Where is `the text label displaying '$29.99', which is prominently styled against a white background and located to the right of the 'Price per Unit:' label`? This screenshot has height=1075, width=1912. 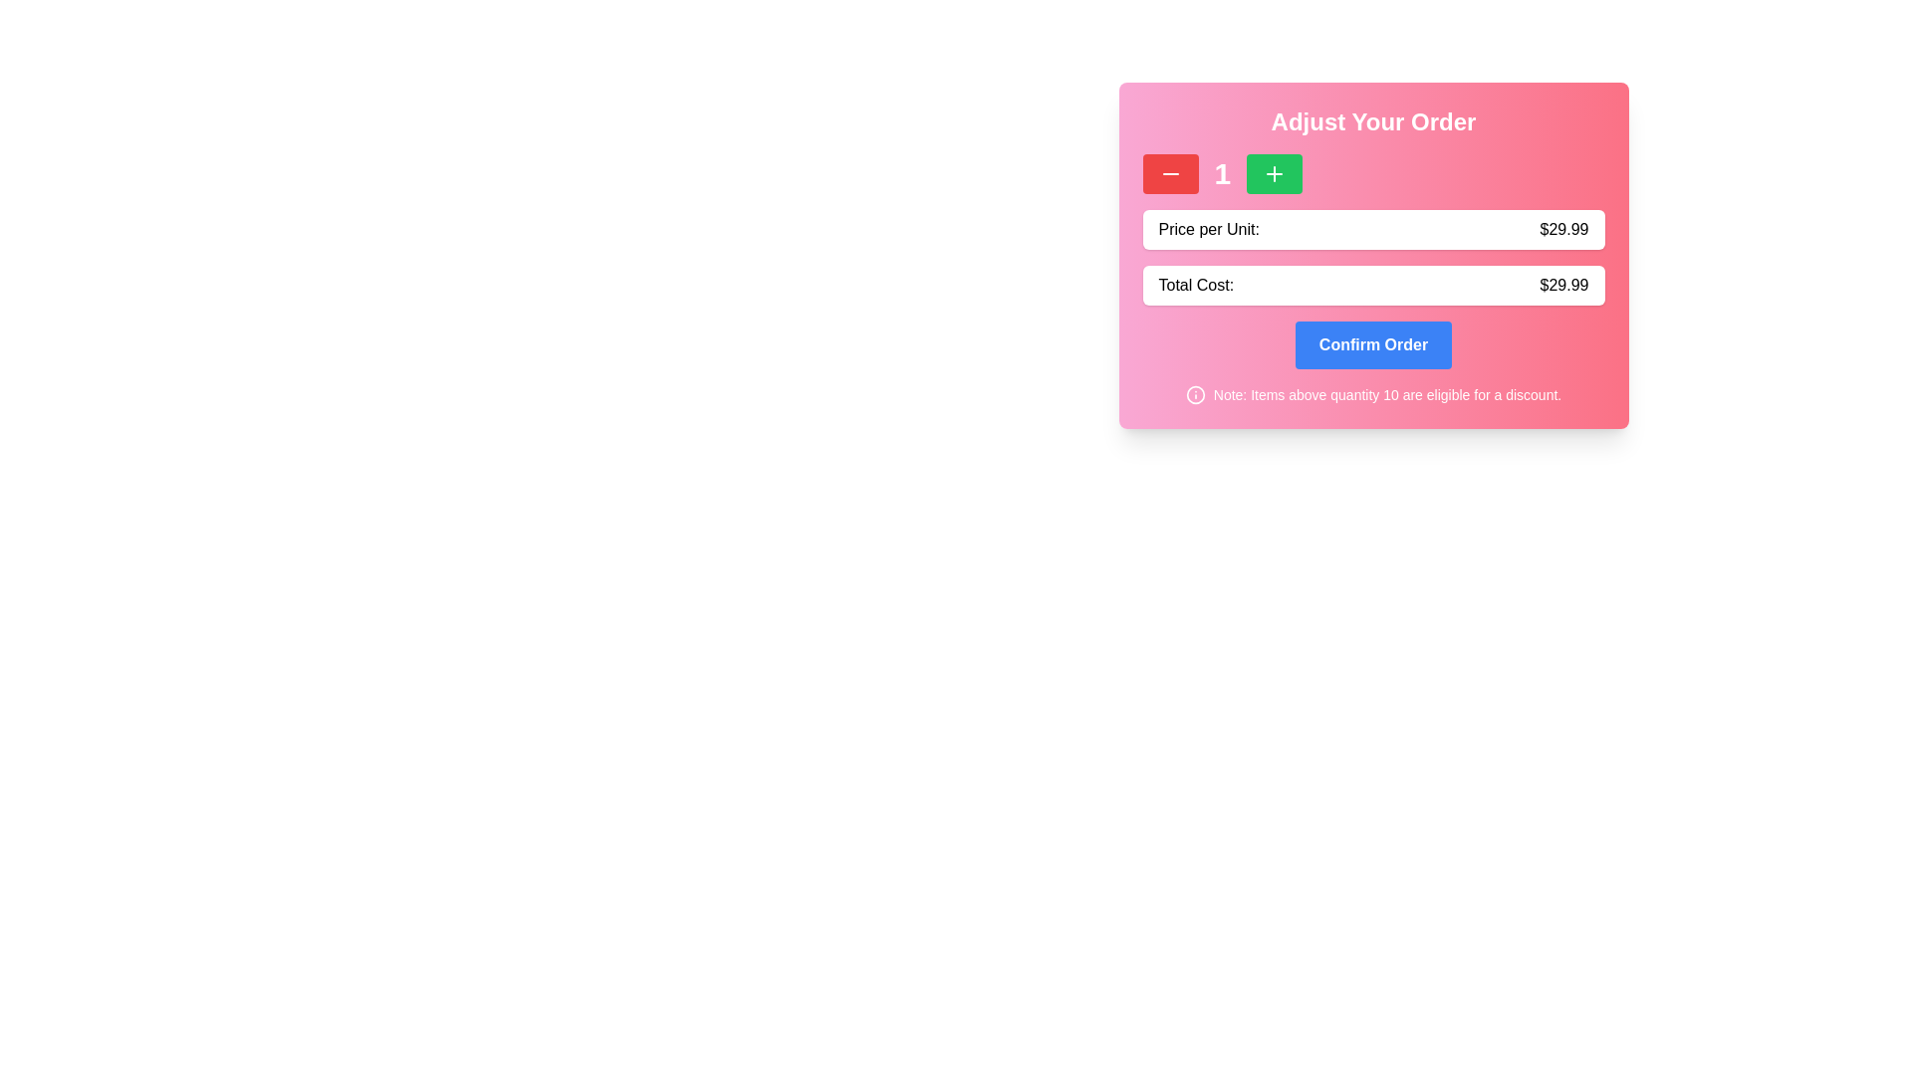 the text label displaying '$29.99', which is prominently styled against a white background and located to the right of the 'Price per Unit:' label is located at coordinates (1562, 229).